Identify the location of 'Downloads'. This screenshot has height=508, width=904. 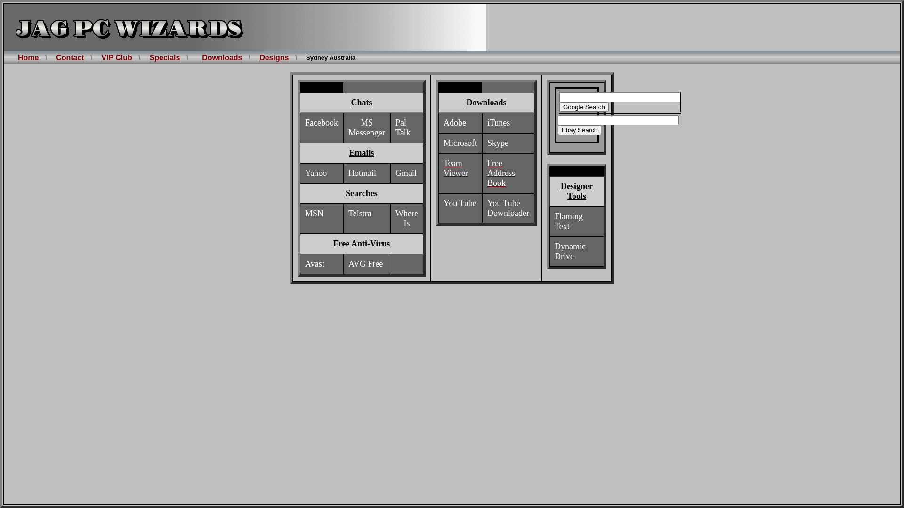
(221, 57).